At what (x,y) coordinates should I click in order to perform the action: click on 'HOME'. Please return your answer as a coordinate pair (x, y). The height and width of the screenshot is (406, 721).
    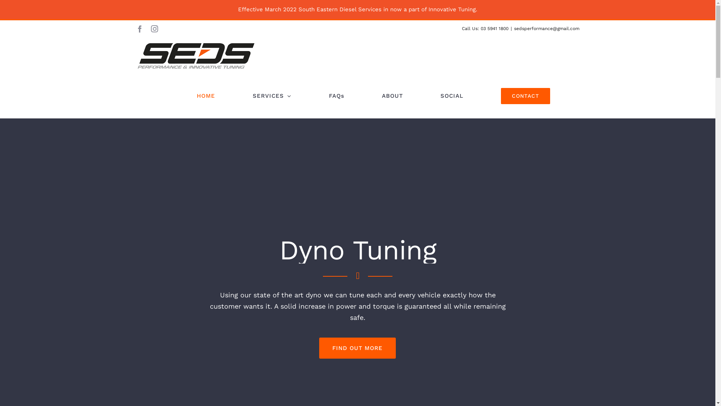
    Looking at the image, I should click on (189, 95).